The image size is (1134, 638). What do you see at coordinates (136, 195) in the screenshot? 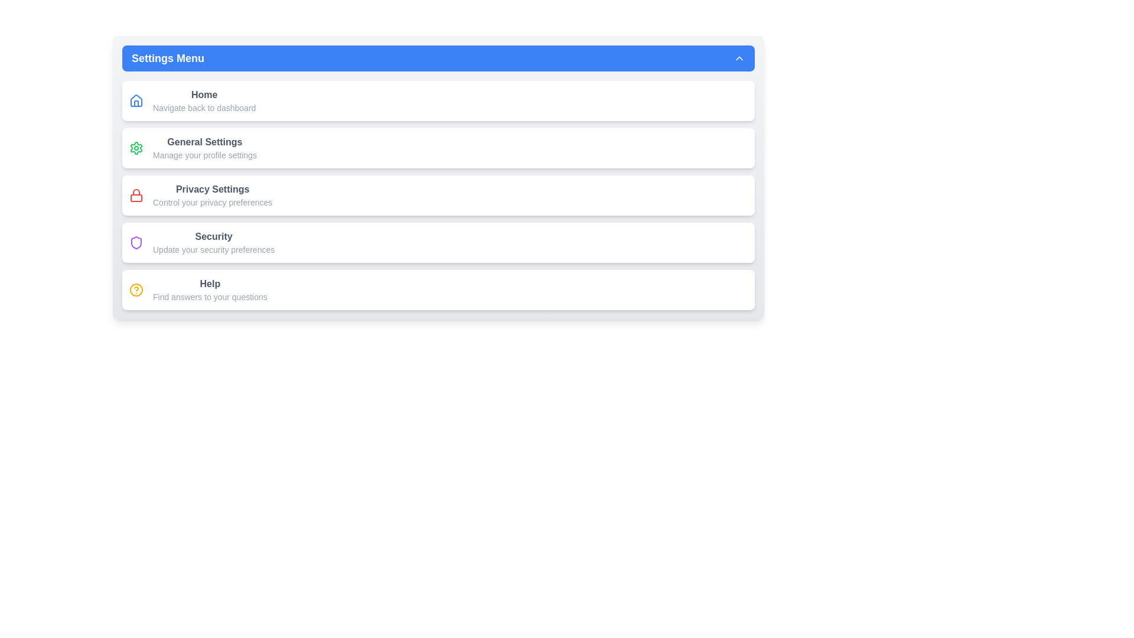
I see `the padlock icon representing 'Privacy Settings' located at the left end of the third row in the settings menu` at bounding box center [136, 195].